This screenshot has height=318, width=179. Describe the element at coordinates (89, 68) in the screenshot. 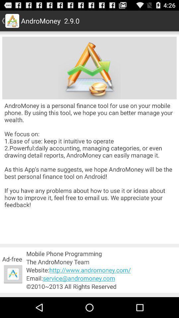

I see `the company option` at that location.